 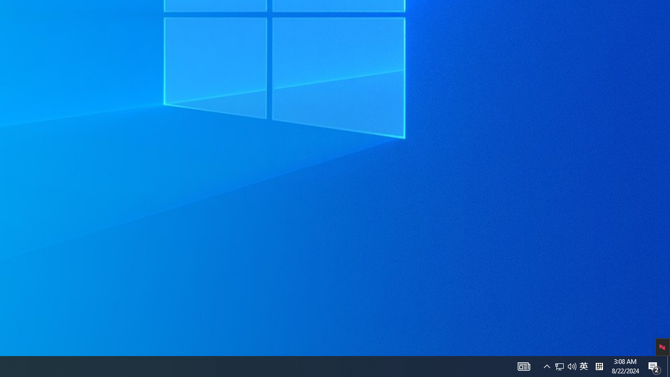 What do you see at coordinates (668, 365) in the screenshot?
I see `'Action Center, 2 new notifications'` at bounding box center [668, 365].